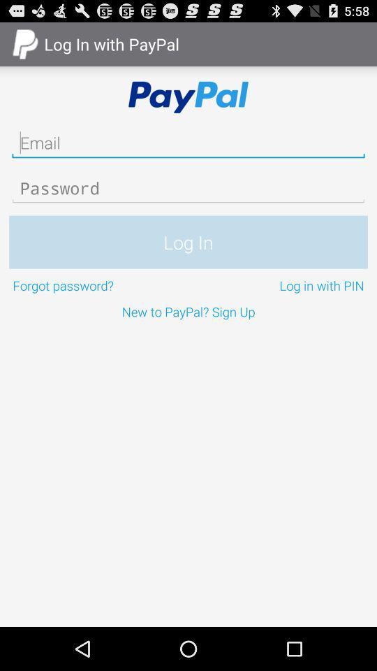 The height and width of the screenshot is (671, 377). I want to click on the forgot password? item, so click(98, 284).